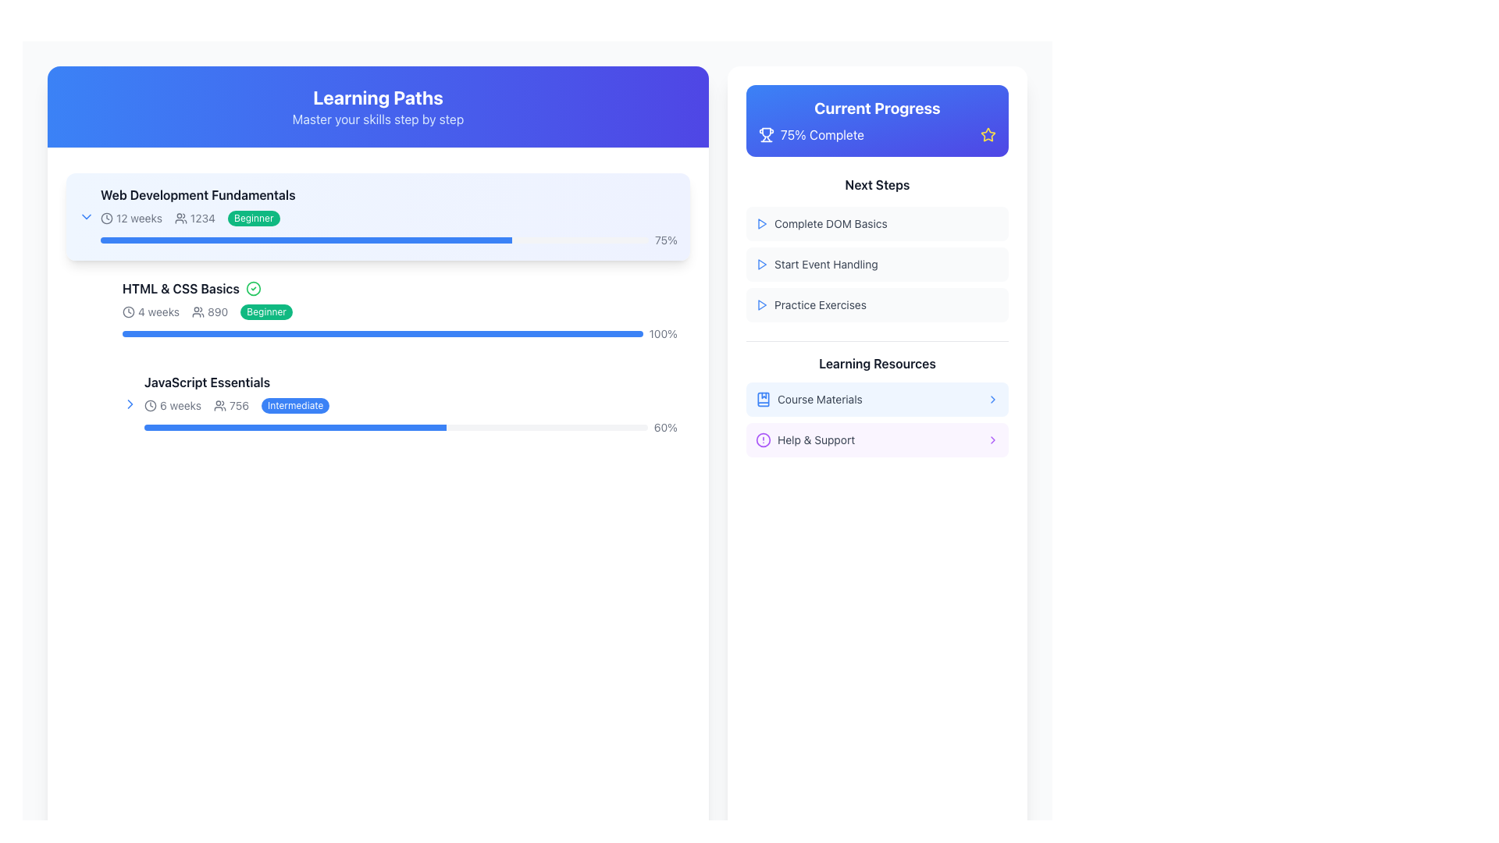 Image resolution: width=1499 pixels, height=843 pixels. Describe the element at coordinates (767, 134) in the screenshot. I see `the trophy icon located to the left of the '75% Complete' text in the 'Current Progress' panel` at that location.